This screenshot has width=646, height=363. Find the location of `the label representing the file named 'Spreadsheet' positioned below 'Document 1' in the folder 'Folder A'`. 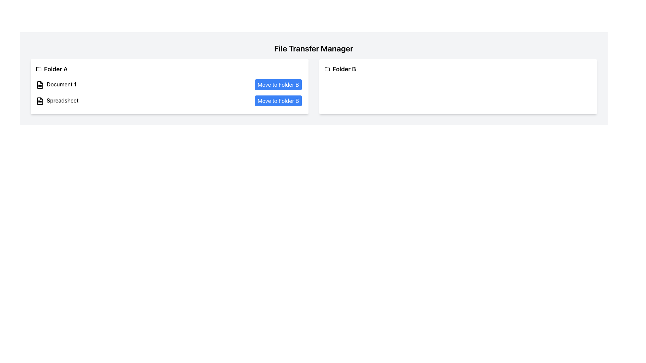

the label representing the file named 'Spreadsheet' positioned below 'Document 1' in the folder 'Folder A' is located at coordinates (57, 101).